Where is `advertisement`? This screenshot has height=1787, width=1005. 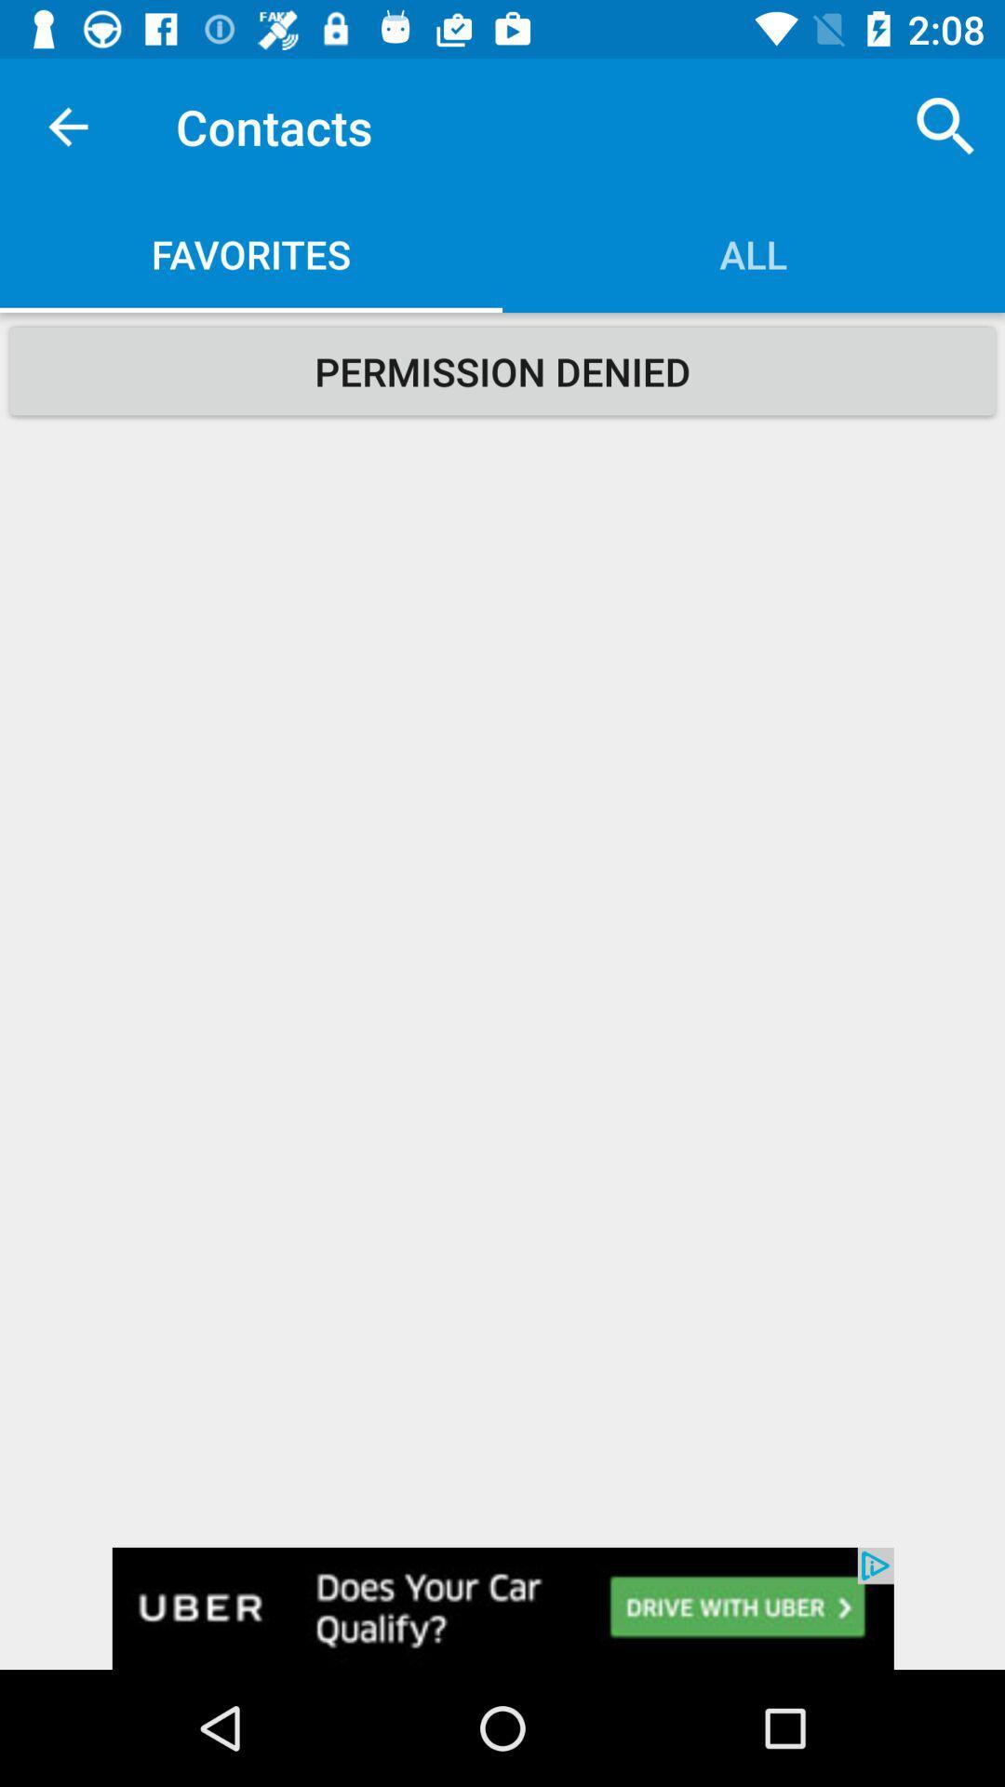
advertisement is located at coordinates (502, 1607).